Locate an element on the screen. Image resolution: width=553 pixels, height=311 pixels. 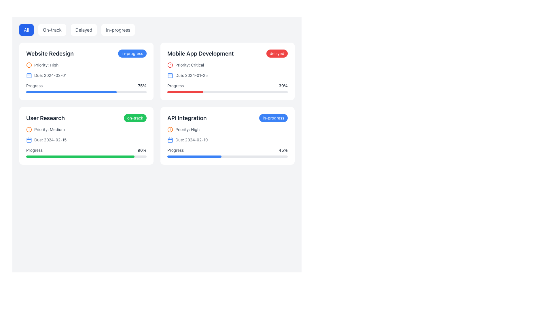
the Text Label with Icon that indicates the medium priority level of the task in the 'User Research' card, located below the card title and above the due date is located at coordinates (49, 130).